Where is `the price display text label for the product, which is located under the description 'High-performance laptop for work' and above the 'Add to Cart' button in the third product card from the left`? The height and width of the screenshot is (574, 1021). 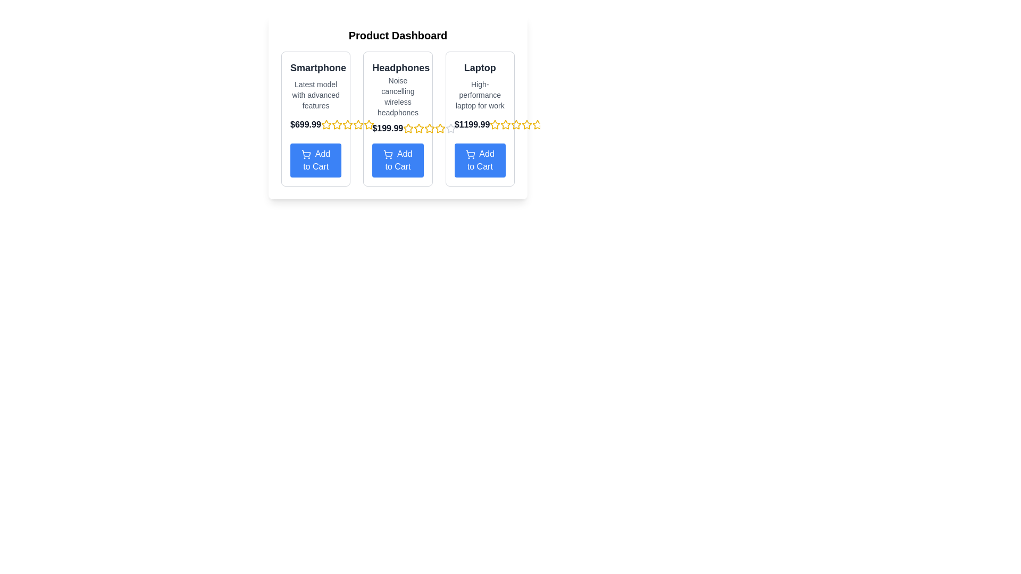
the price display text label for the product, which is located under the description 'High-performance laptop for work' and above the 'Add to Cart' button in the third product card from the left is located at coordinates (479, 124).